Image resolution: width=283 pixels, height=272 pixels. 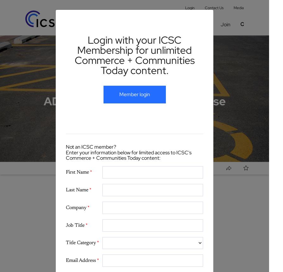 What do you see at coordinates (81, 260) in the screenshot?
I see `'Email Address'` at bounding box center [81, 260].